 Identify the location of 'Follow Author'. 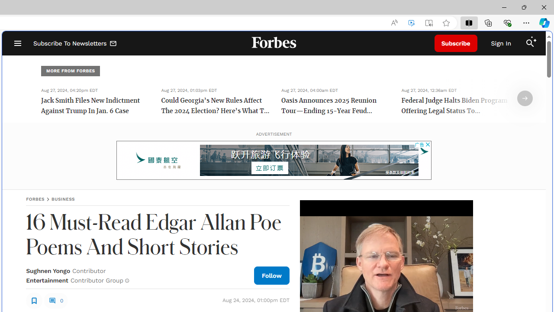
(271, 275).